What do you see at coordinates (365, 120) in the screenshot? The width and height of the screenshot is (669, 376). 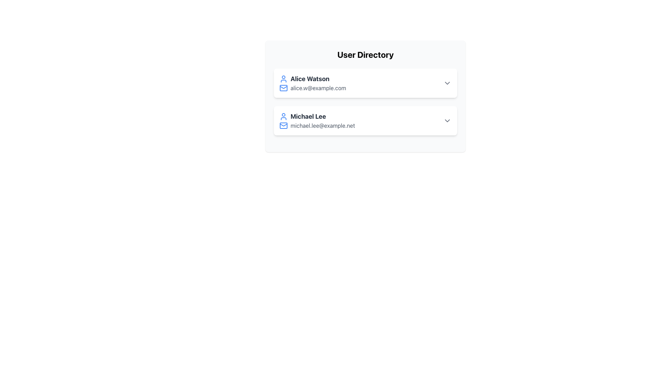 I see `the dropdown arrow on the List Item displaying 'Michael Lee'` at bounding box center [365, 120].